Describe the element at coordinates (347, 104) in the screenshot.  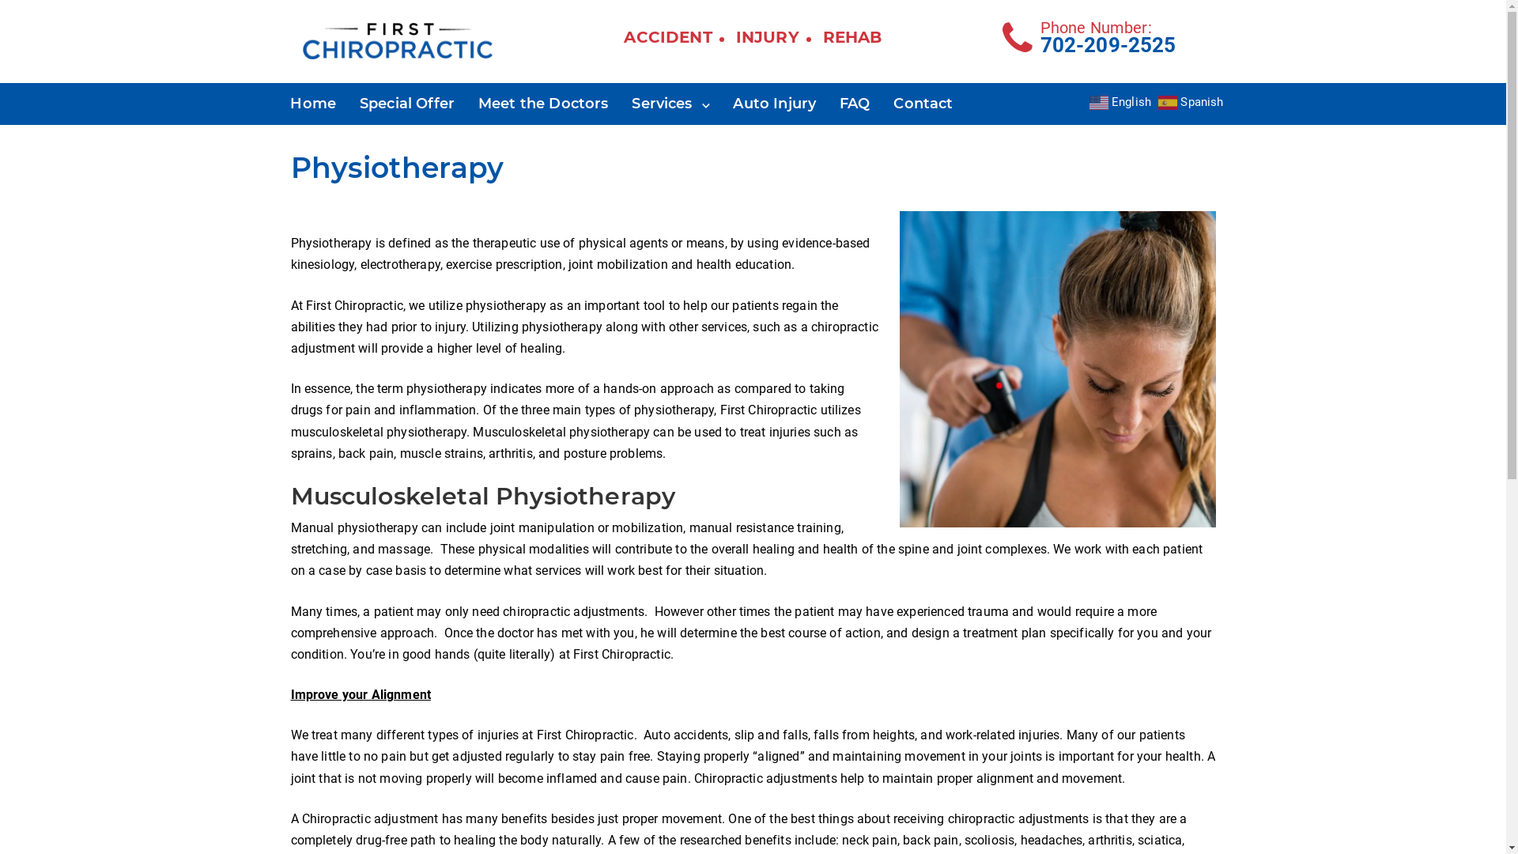
I see `'Special Offer'` at that location.